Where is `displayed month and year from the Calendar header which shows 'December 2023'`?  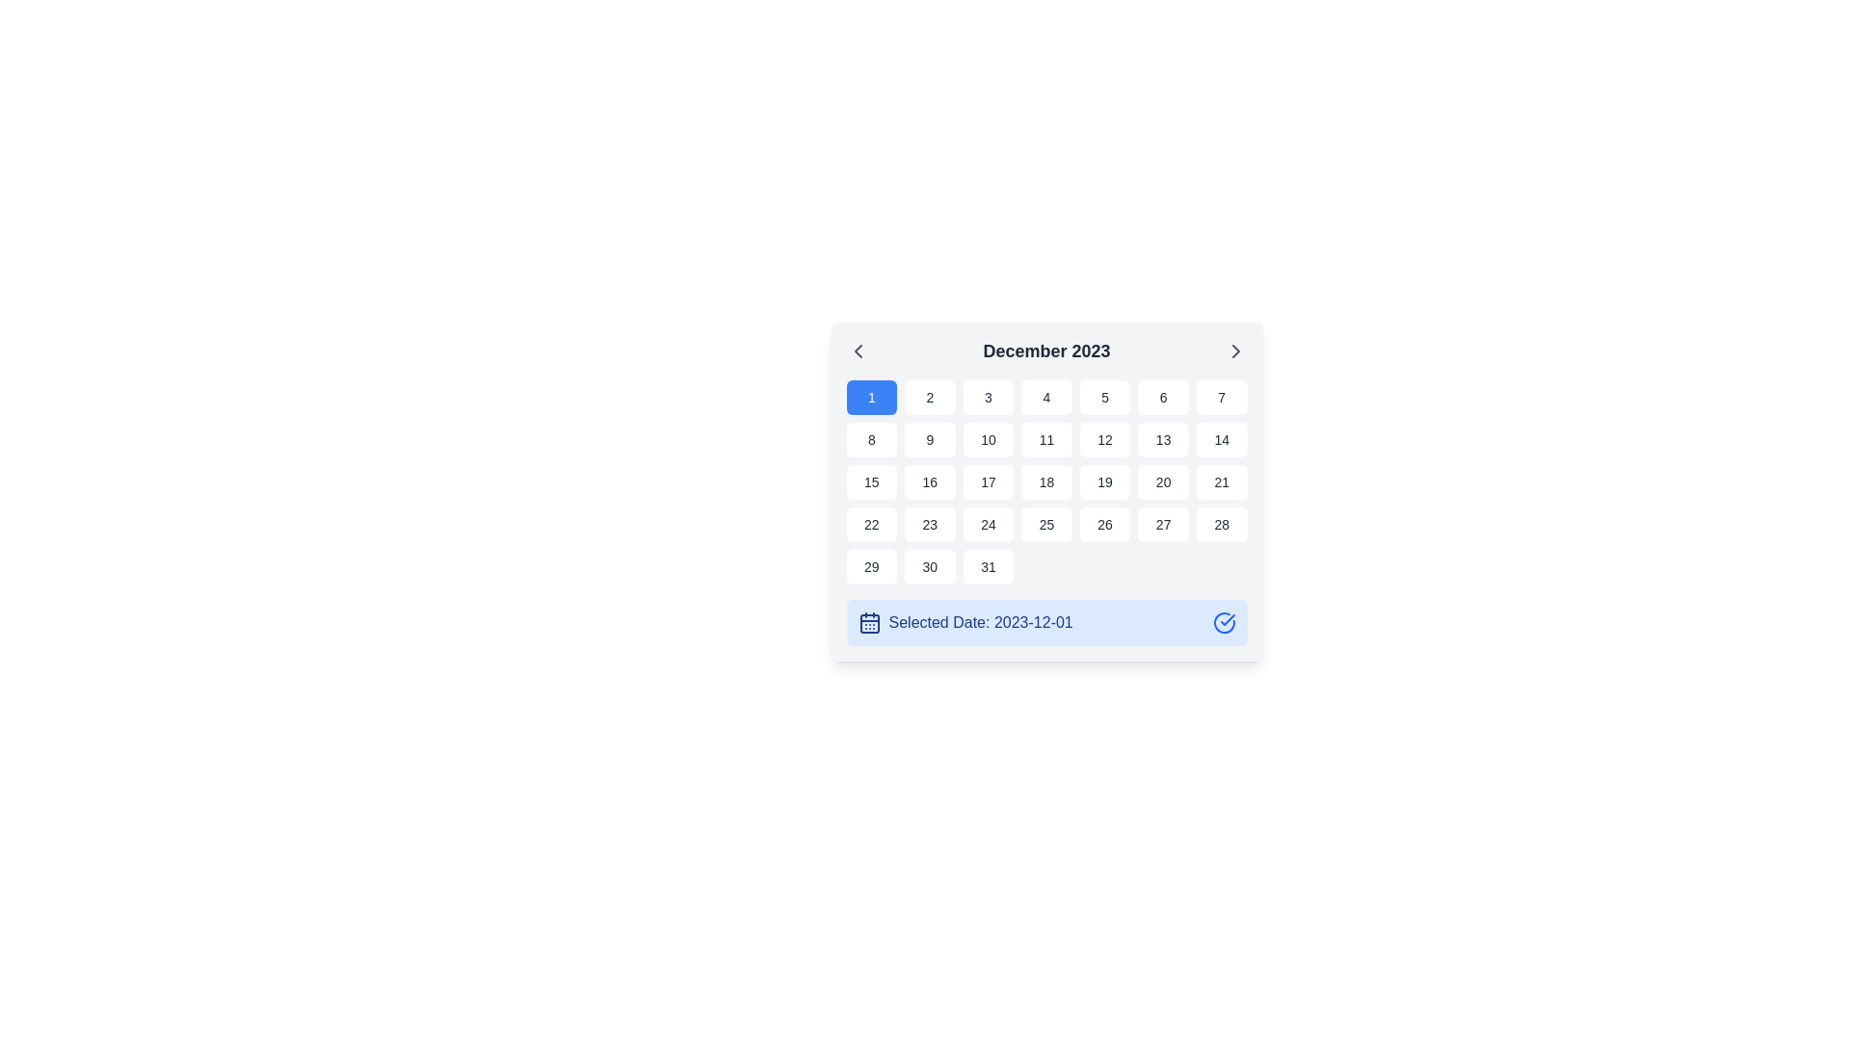
displayed month and year from the Calendar header which shows 'December 2023' is located at coordinates (1045, 351).